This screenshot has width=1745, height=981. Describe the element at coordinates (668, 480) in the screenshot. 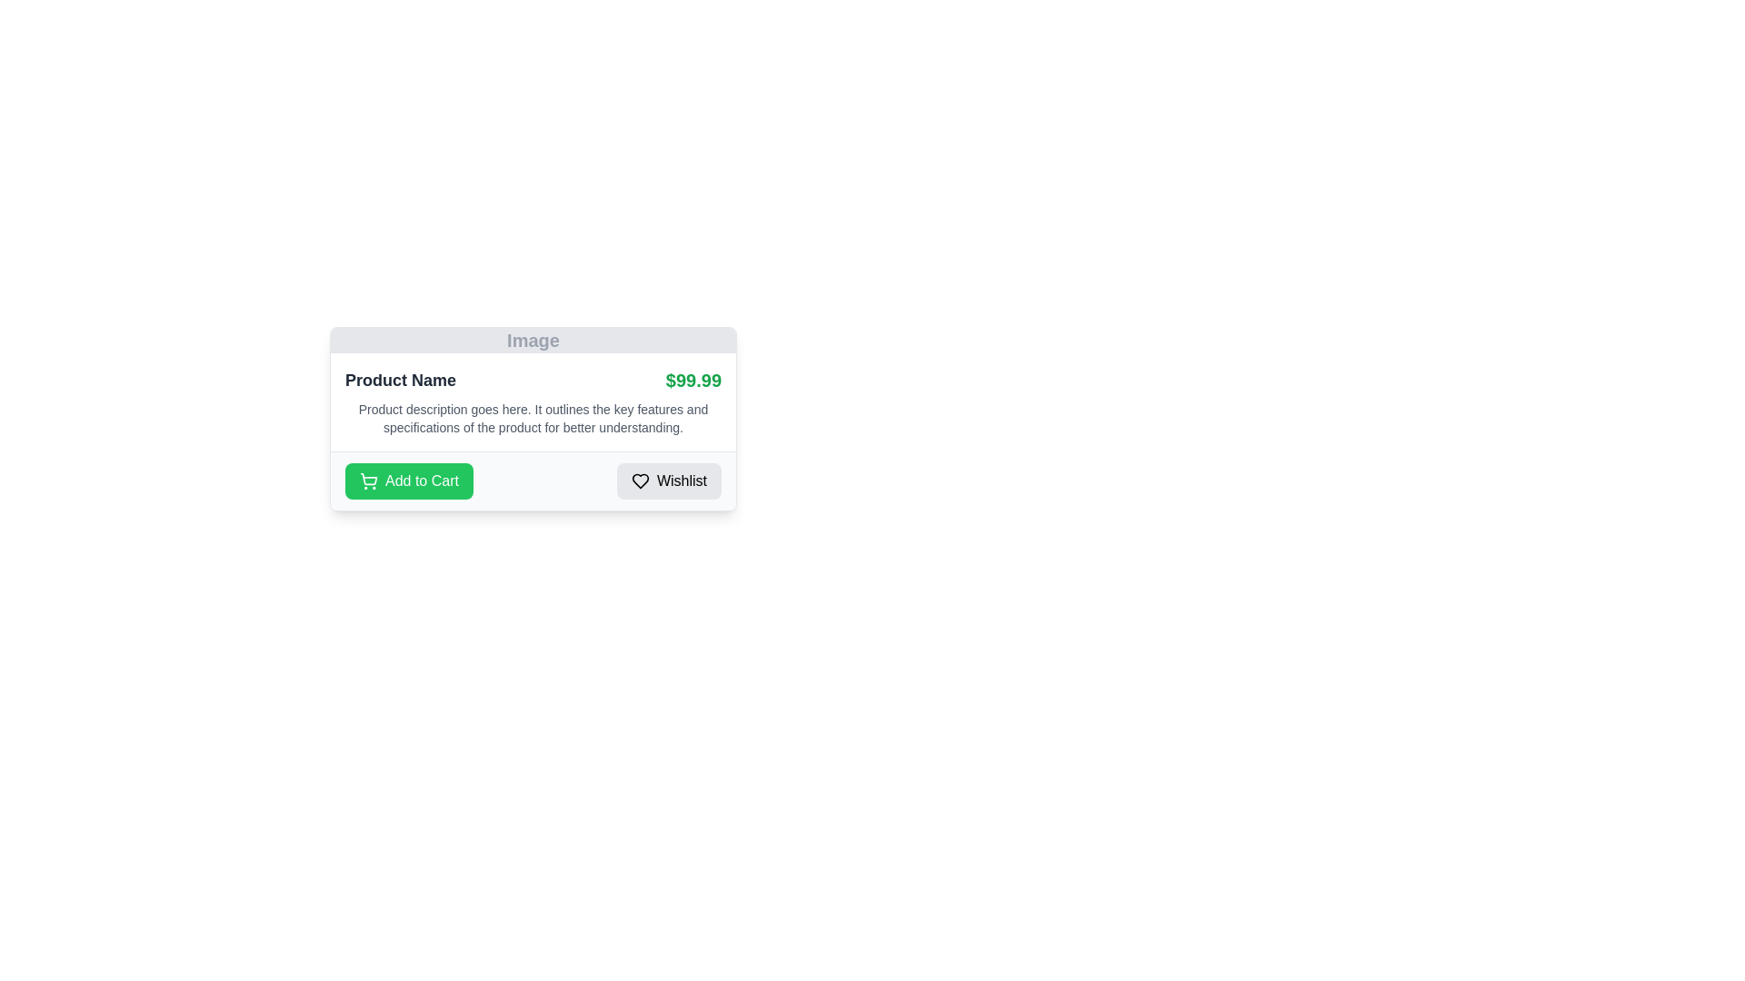

I see `the 'Wishlist' button, which is a rectangular button with a light gray background, rounded corners, a heart icon on the left, and labeled 'Wishlist' on the right` at that location.